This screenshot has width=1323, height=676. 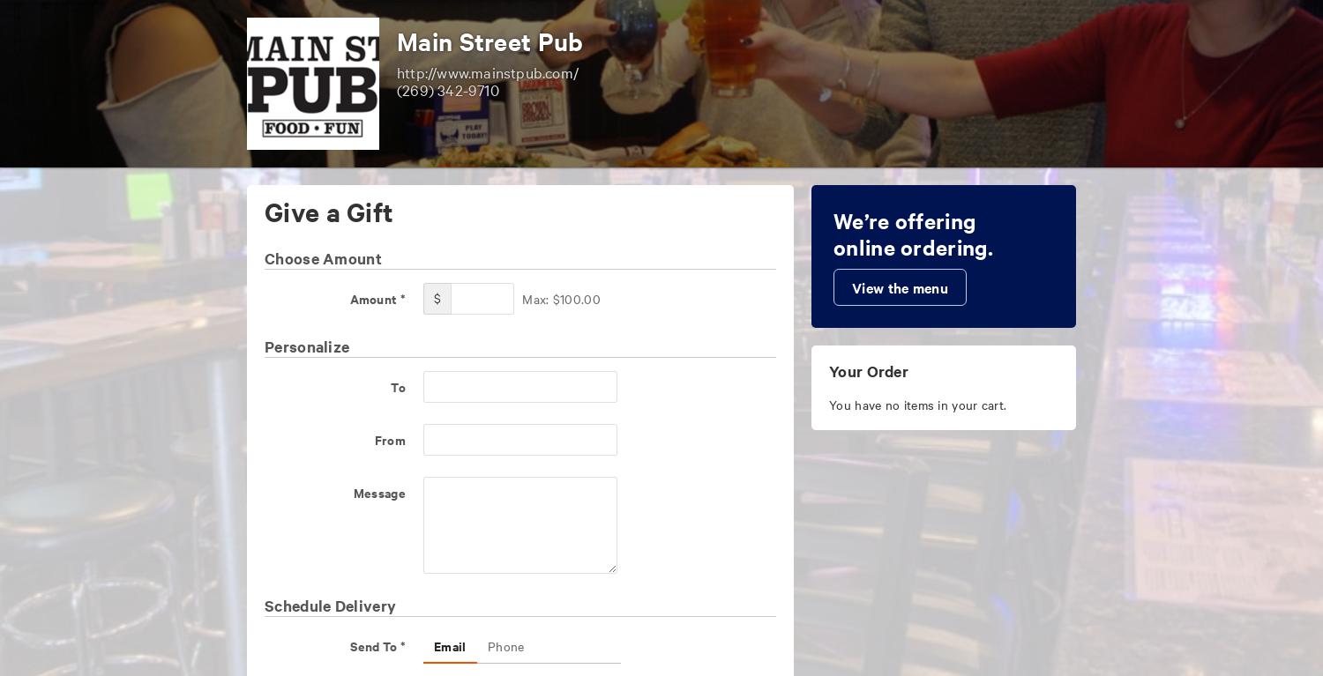 I want to click on 'Phone', so click(x=505, y=646).